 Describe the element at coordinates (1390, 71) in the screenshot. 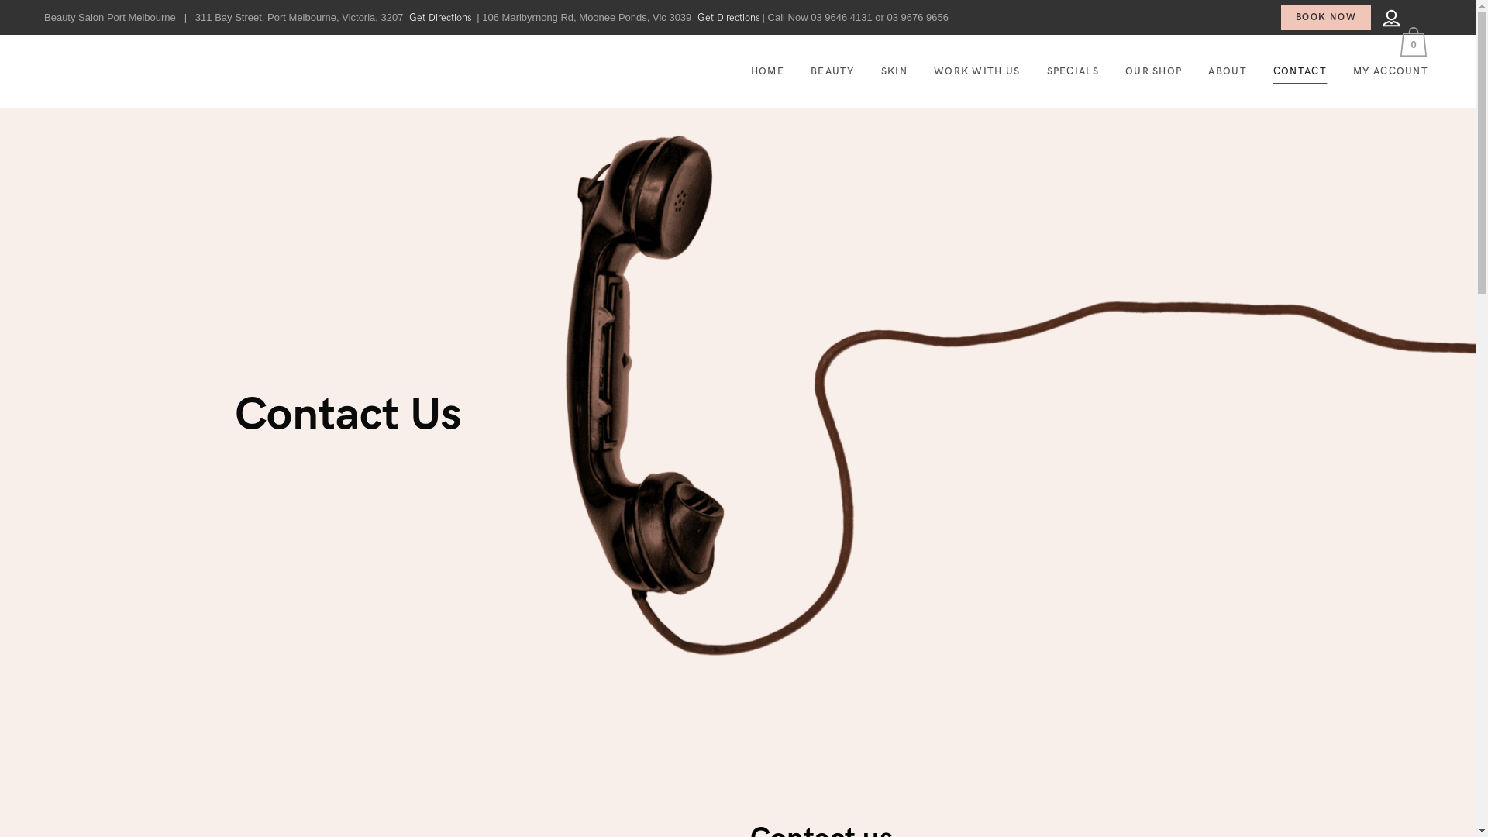

I see `'MY ACCOUNT'` at that location.